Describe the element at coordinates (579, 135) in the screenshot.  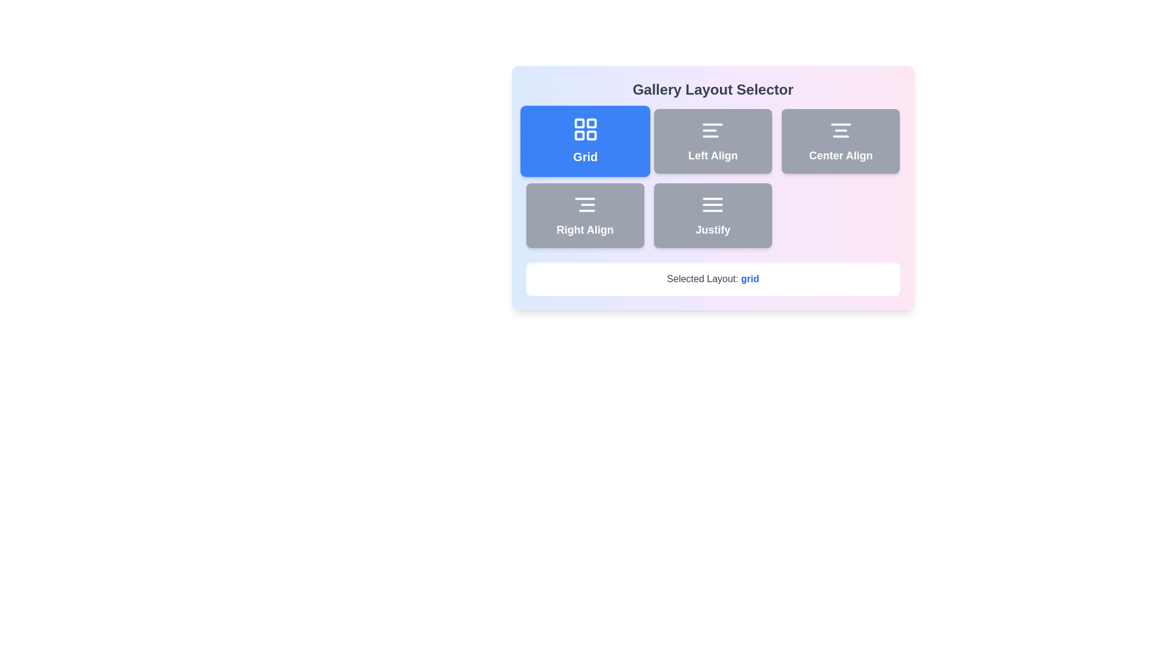
I see `the bottom-left square of the 2x2 grid layout within the 'Grid' icon located in the top-left corner of the layout selector` at that location.